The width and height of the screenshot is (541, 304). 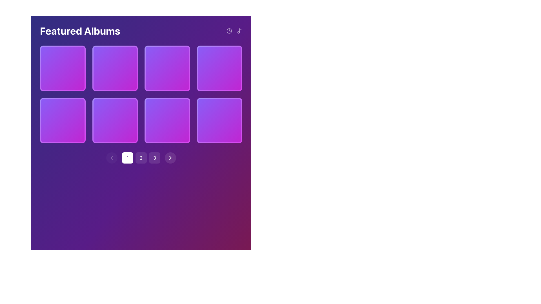 What do you see at coordinates (219, 68) in the screenshot?
I see `the interactive tile with a gradient background transitioning from violet to fuchsia, located in the top row, third column of the album feature section, to interact or view details` at bounding box center [219, 68].